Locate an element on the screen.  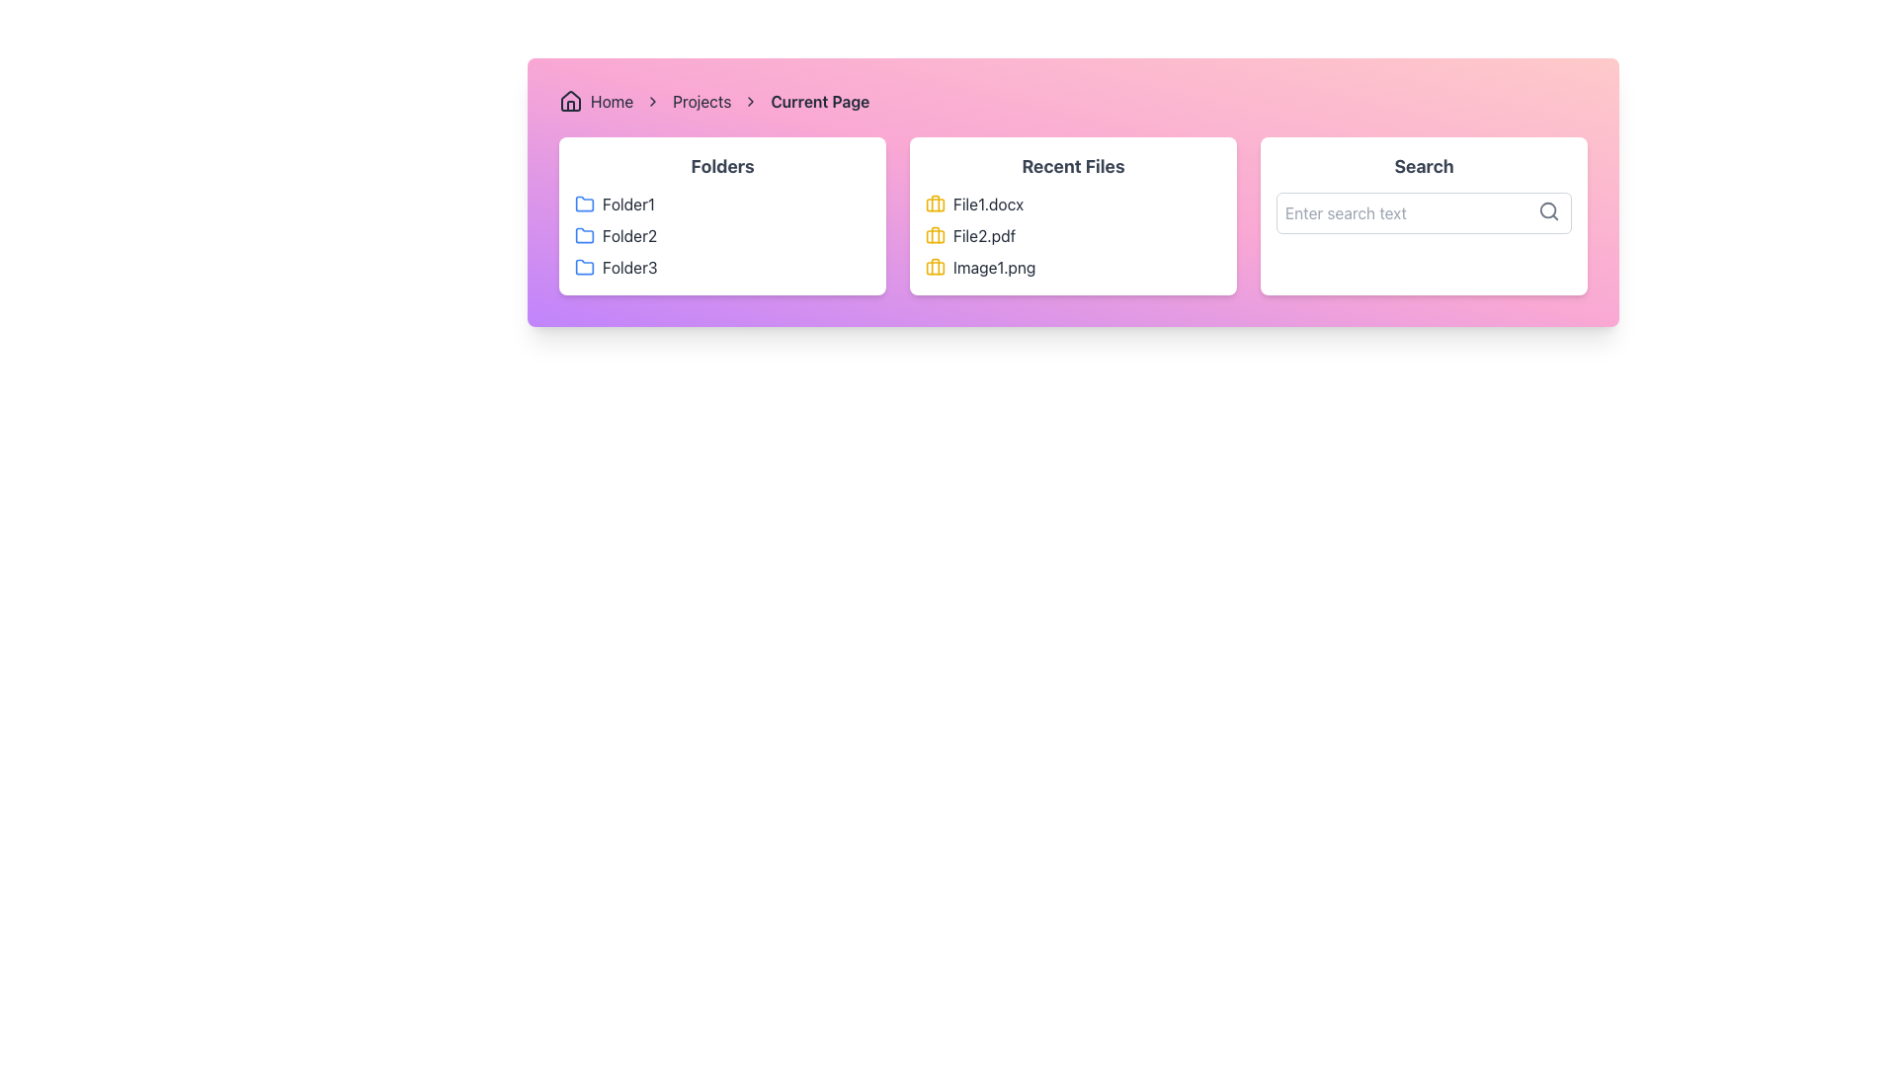
the bottom-most rectangle of the briefcase icon located in the 'Recent Files' section, which symbolizes a file type or category is located at coordinates (934, 267).